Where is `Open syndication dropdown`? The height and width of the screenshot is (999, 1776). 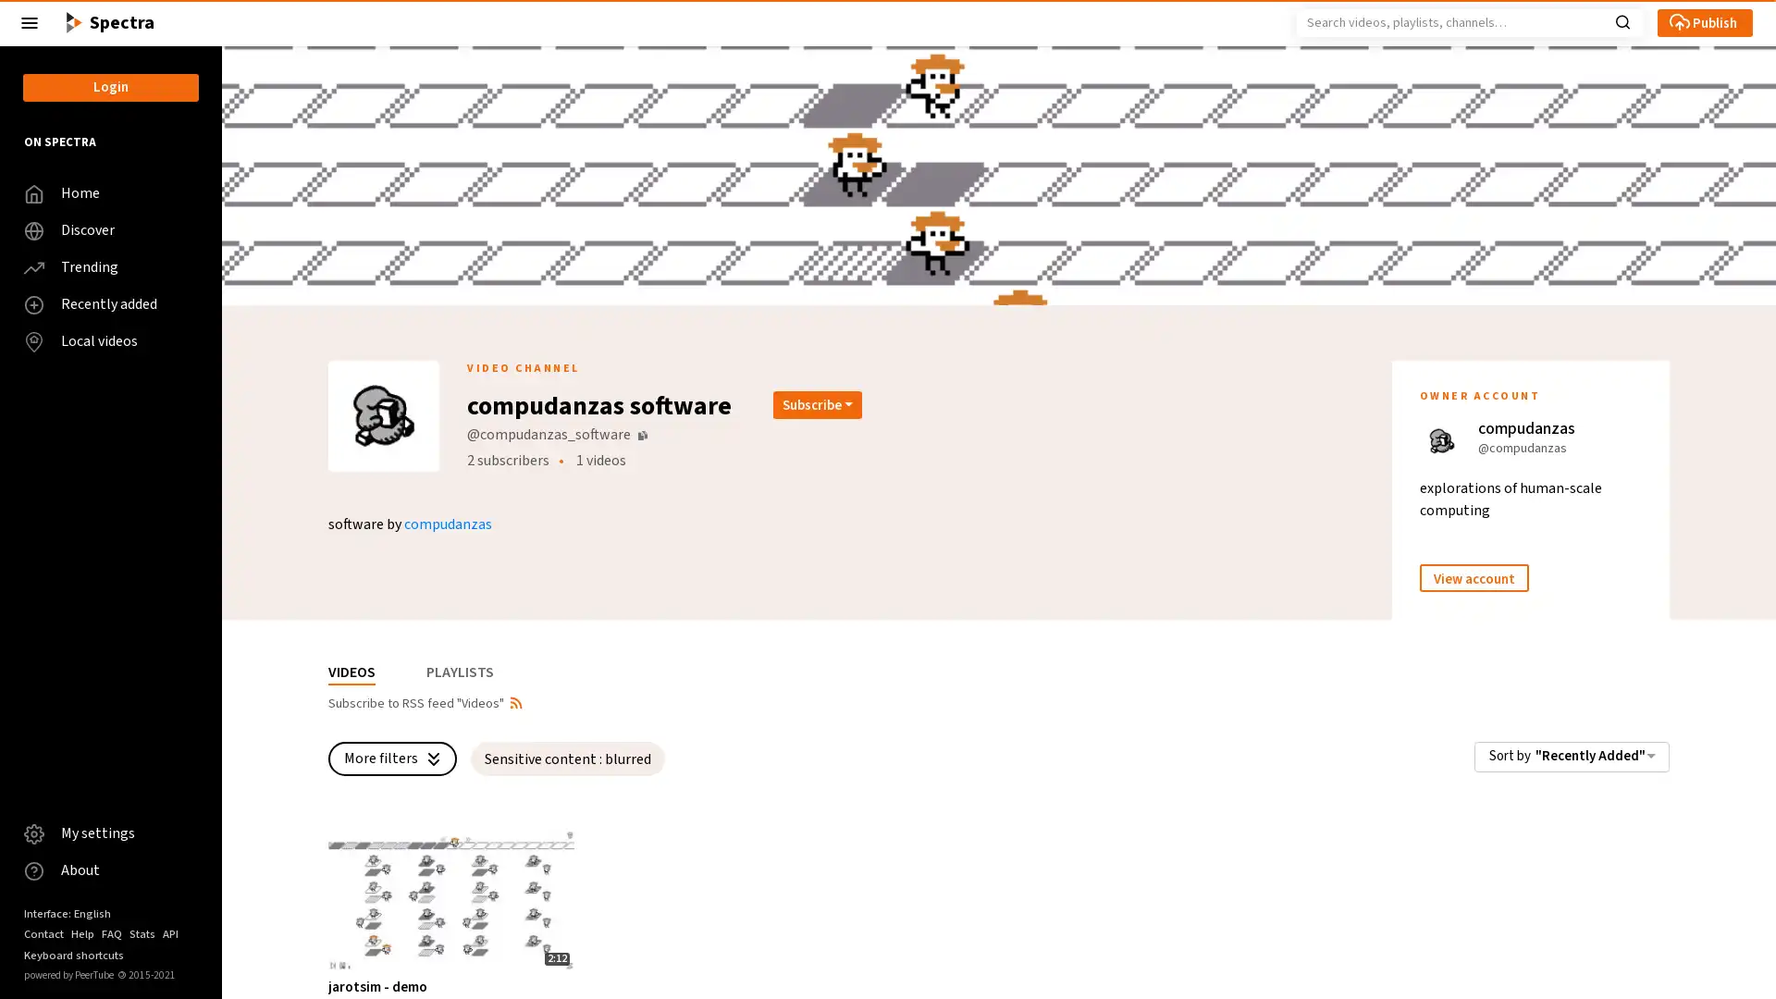
Open syndication dropdown is located at coordinates (515, 701).